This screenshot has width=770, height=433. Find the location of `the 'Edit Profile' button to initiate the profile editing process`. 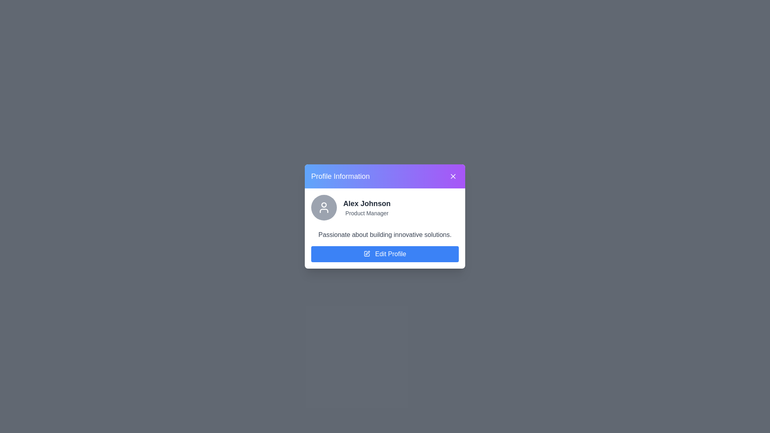

the 'Edit Profile' button to initiate the profile editing process is located at coordinates (385, 254).